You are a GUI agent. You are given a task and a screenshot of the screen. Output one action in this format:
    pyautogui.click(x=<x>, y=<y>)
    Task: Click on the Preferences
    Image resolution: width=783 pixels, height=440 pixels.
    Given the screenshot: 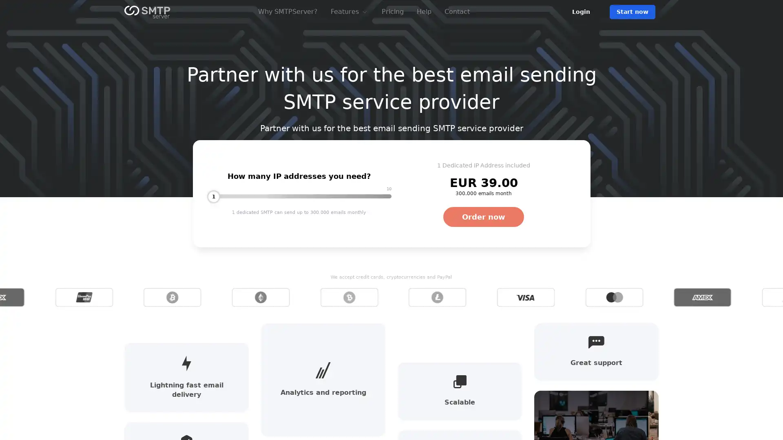 What is the action you would take?
    pyautogui.click(x=518, y=407)
    